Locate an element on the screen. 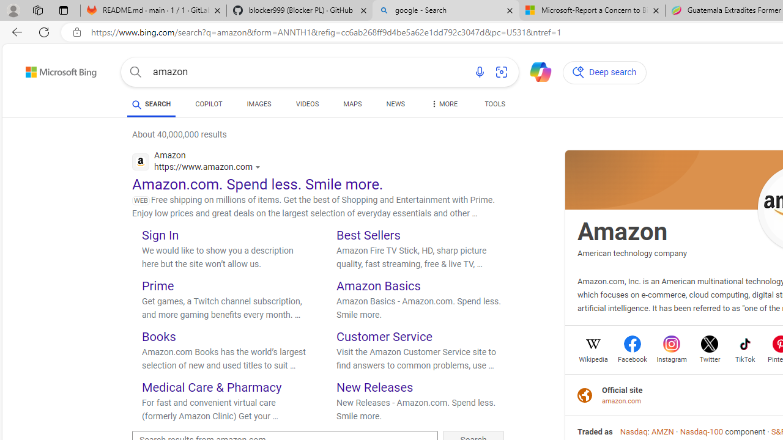  'Facebook' is located at coordinates (633, 358).